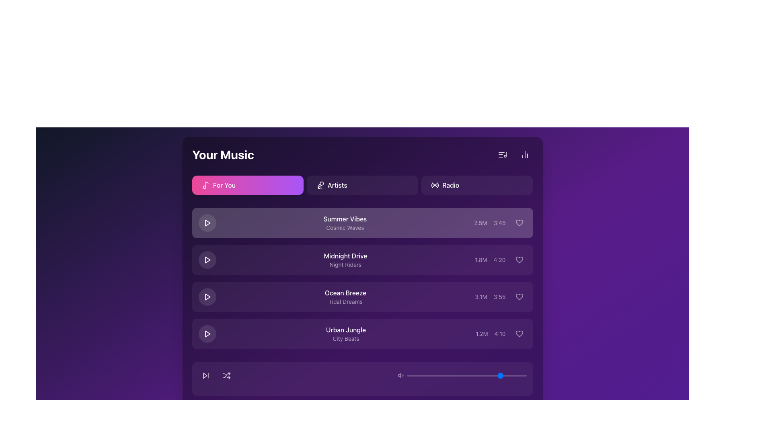 This screenshot has width=772, height=434. Describe the element at coordinates (430, 375) in the screenshot. I see `the slider` at that location.